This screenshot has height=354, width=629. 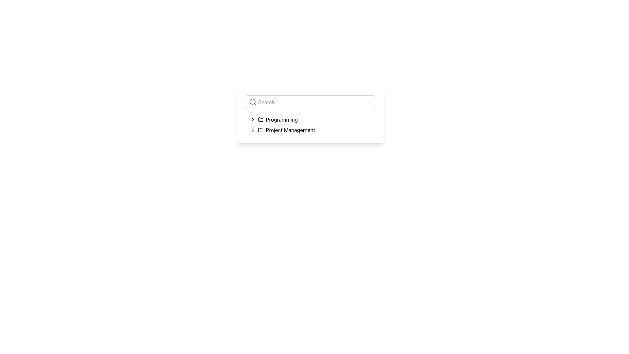 What do you see at coordinates (260, 130) in the screenshot?
I see `the folder icon located immediately to the left of the text 'Project Management' in the list, which is the second folder icon in a vertical arrangement` at bounding box center [260, 130].